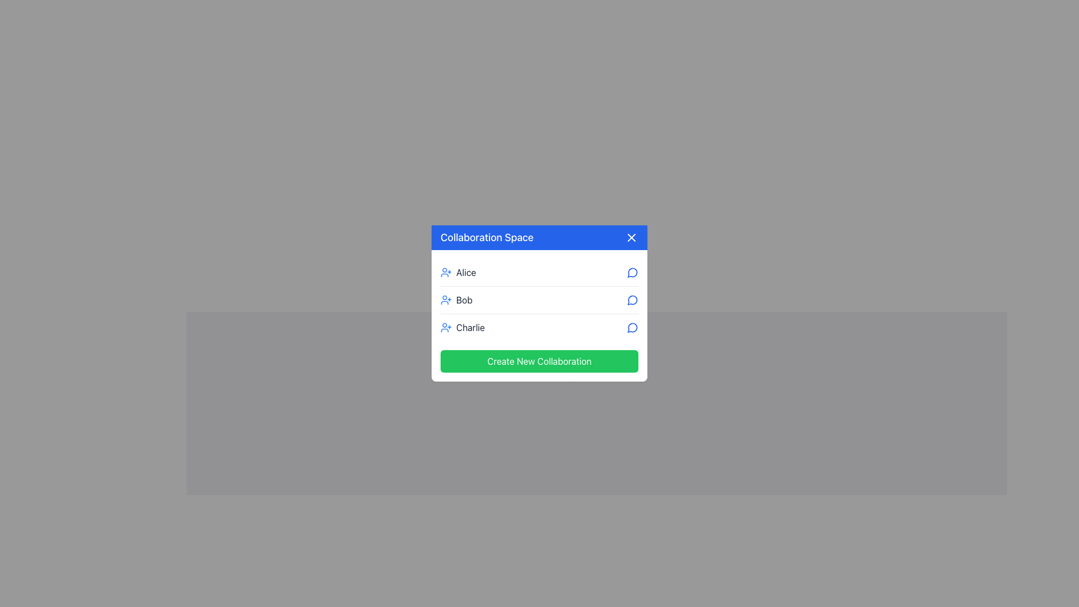 The image size is (1079, 607). Describe the element at coordinates (633, 299) in the screenshot. I see `the small circular chat icon with a blue outline located to the right of 'Bob' in the 'Collaboration Space' panel` at that location.